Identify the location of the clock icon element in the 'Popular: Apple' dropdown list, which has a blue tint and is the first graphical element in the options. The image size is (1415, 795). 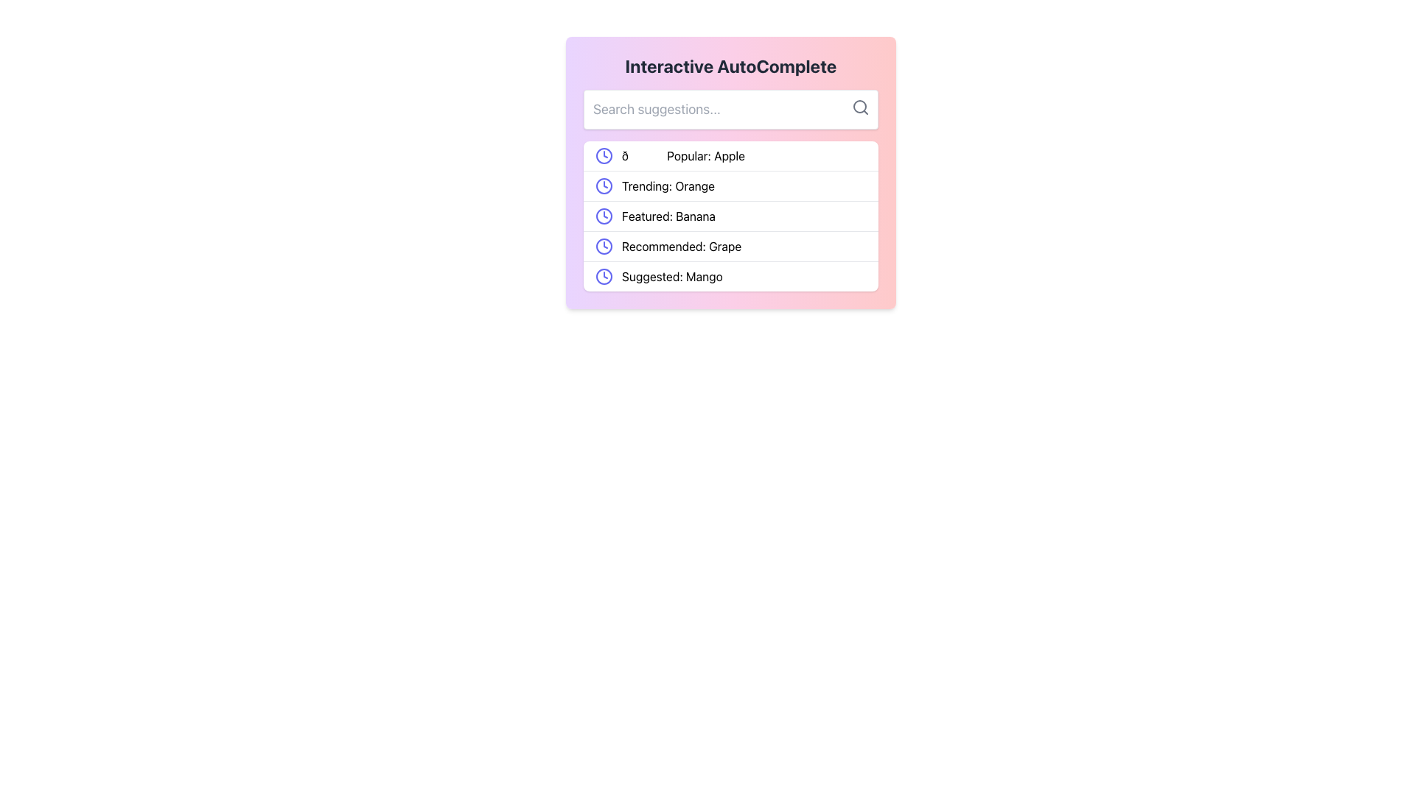
(604, 156).